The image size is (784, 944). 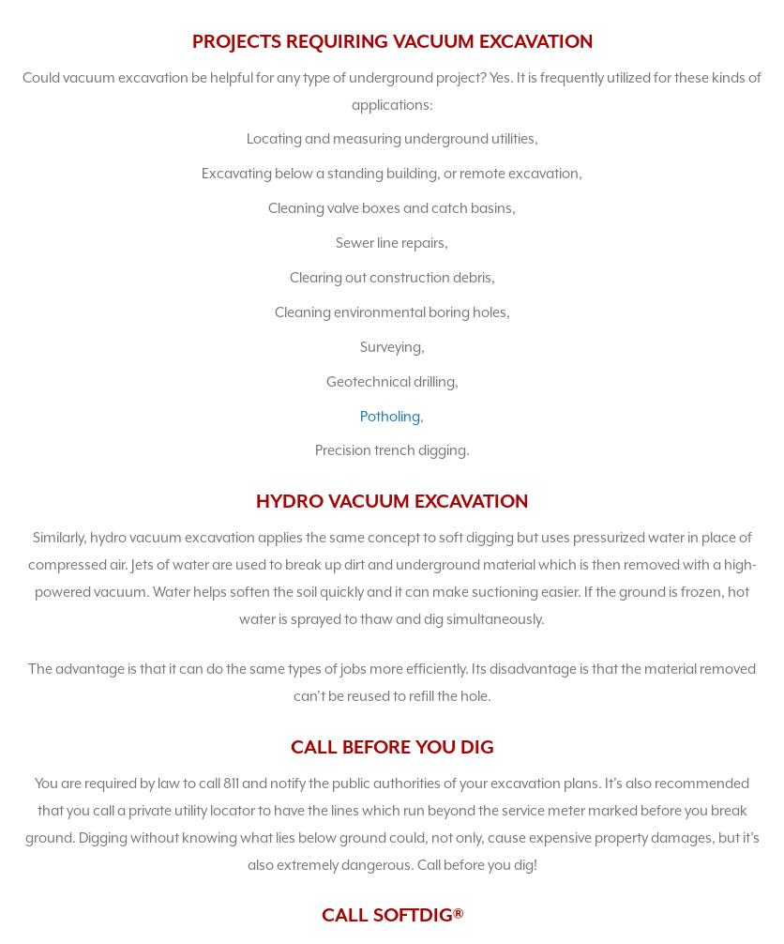 What do you see at coordinates (358, 414) in the screenshot?
I see `'Potholing'` at bounding box center [358, 414].